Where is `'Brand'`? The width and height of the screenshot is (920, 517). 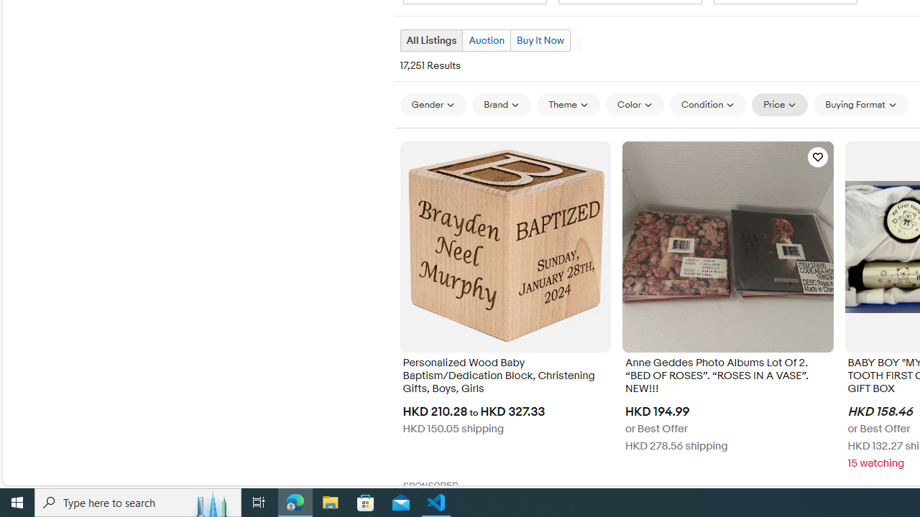
'Brand' is located at coordinates (502, 104).